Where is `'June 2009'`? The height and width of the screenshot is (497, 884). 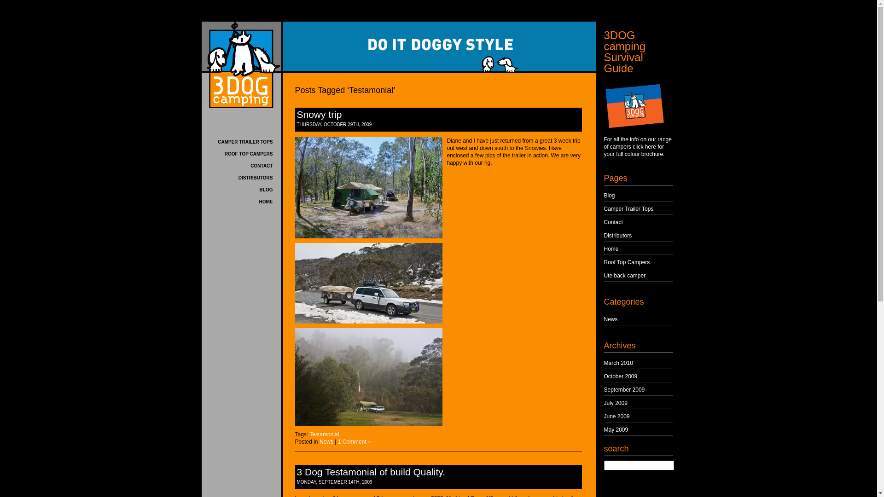
'June 2009' is located at coordinates (616, 416).